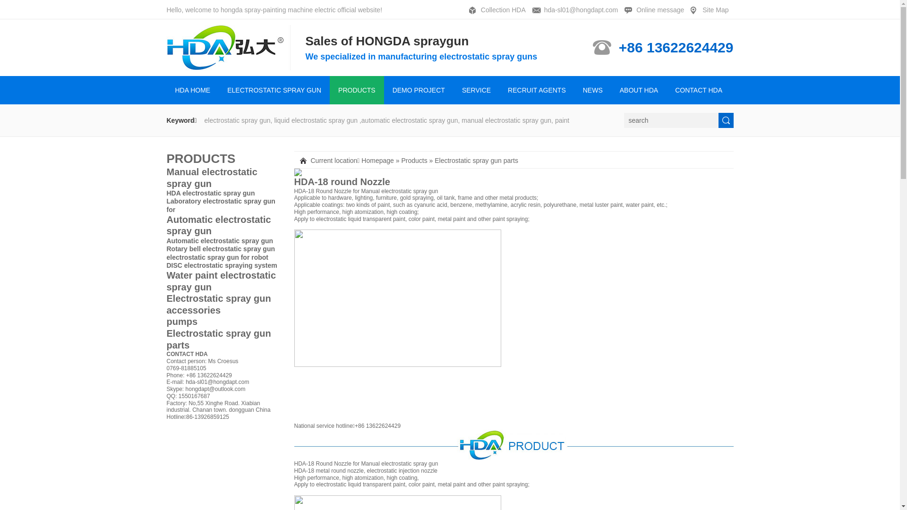 This screenshot has height=510, width=907. I want to click on 'pumps', so click(223, 321).